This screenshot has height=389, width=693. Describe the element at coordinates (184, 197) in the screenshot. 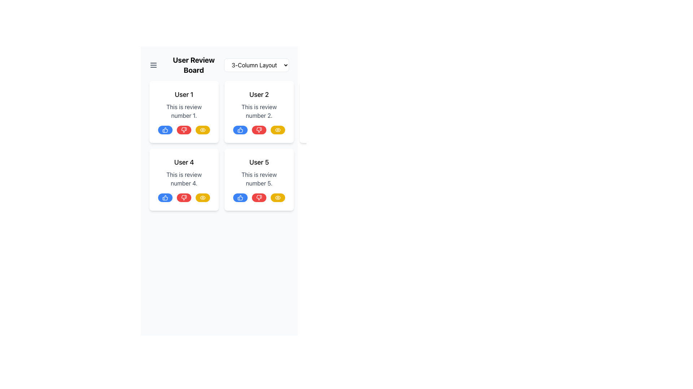

I see `the center button for negative feedback located at the bottom of 'User 4' review card, positioned between the blue thumbs-up button and the yellow eye button` at that location.